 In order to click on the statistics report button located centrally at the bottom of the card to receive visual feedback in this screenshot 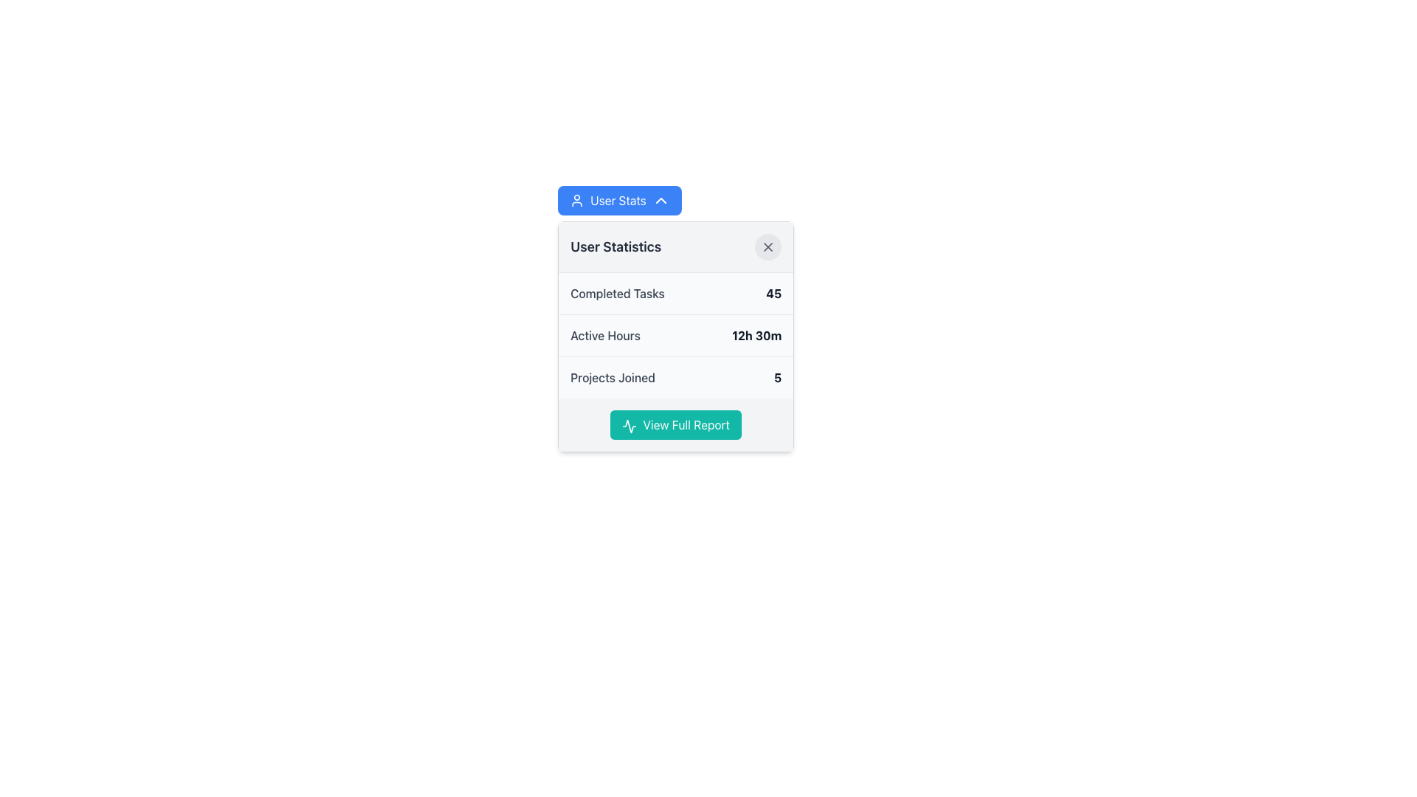, I will do `click(675, 424)`.